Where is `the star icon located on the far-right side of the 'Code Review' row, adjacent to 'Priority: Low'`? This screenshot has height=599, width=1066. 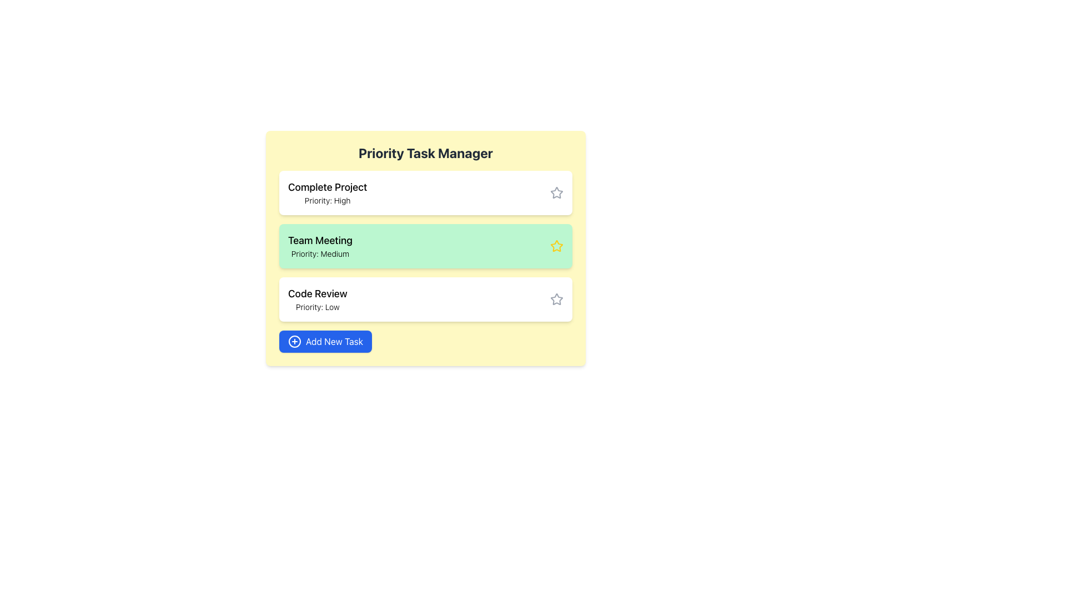
the star icon located on the far-right side of the 'Code Review' row, adjacent to 'Priority: Low' is located at coordinates (557, 299).